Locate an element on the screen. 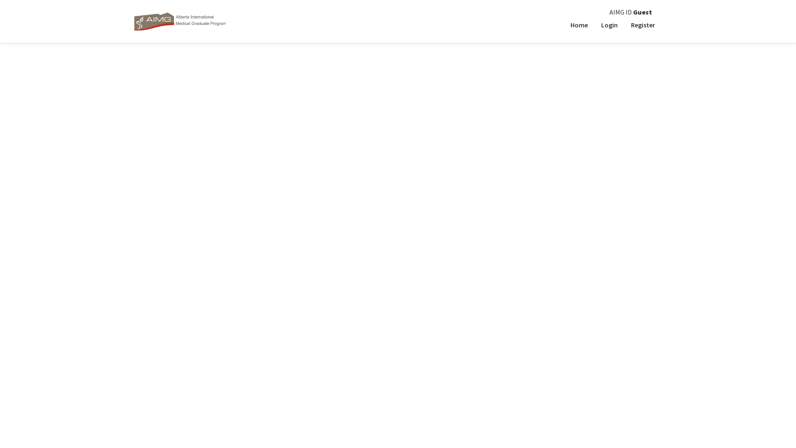 The width and height of the screenshot is (796, 448). 'Login' is located at coordinates (609, 24).